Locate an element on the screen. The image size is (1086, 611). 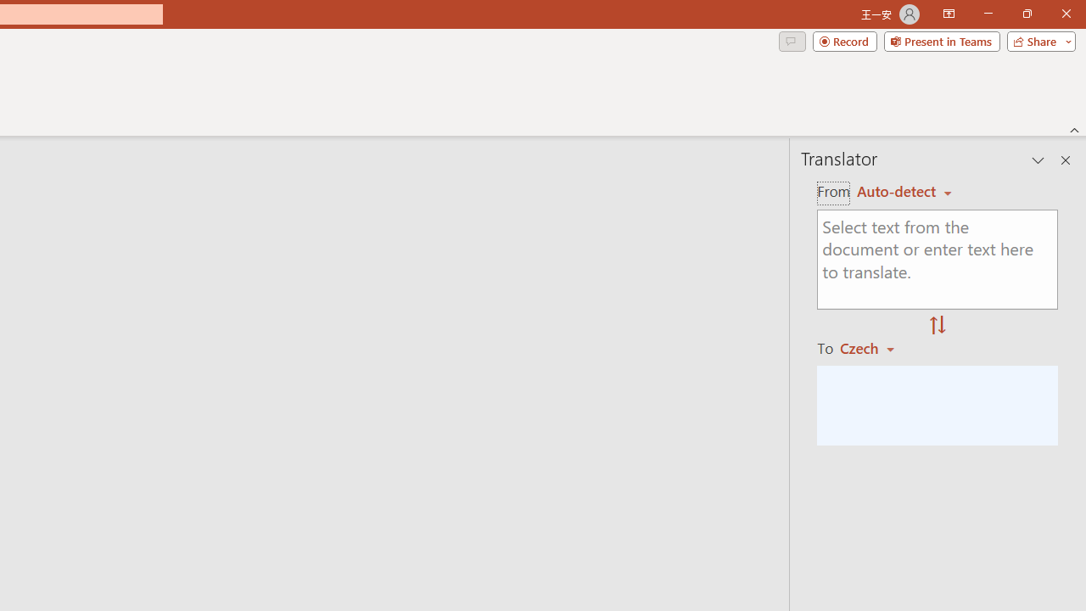
'Czech' is located at coordinates (875, 347).